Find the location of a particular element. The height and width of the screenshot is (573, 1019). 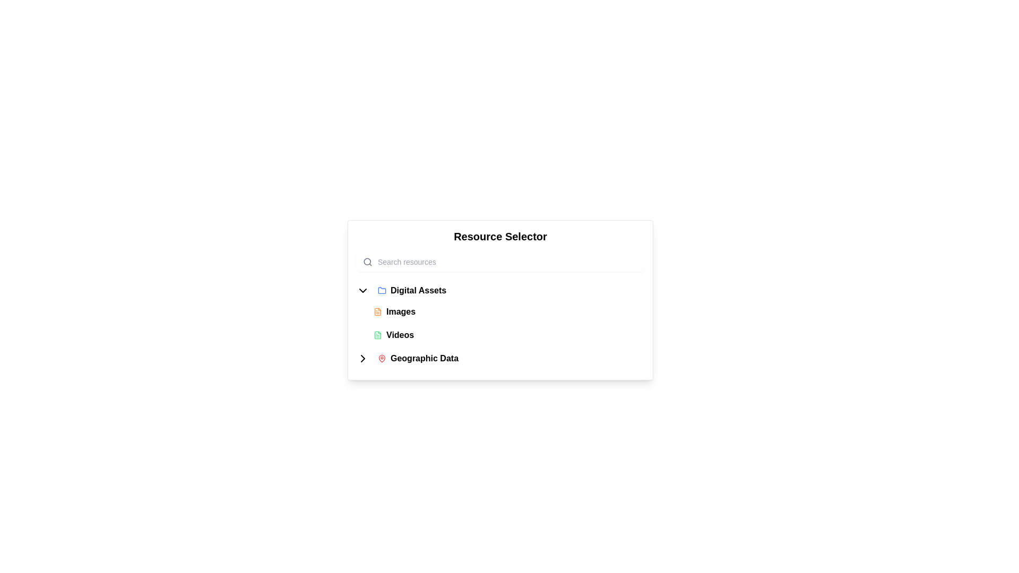

the navigational button with an icon located to the left of the 'Geographic Data' text to interact with it is located at coordinates (363, 358).